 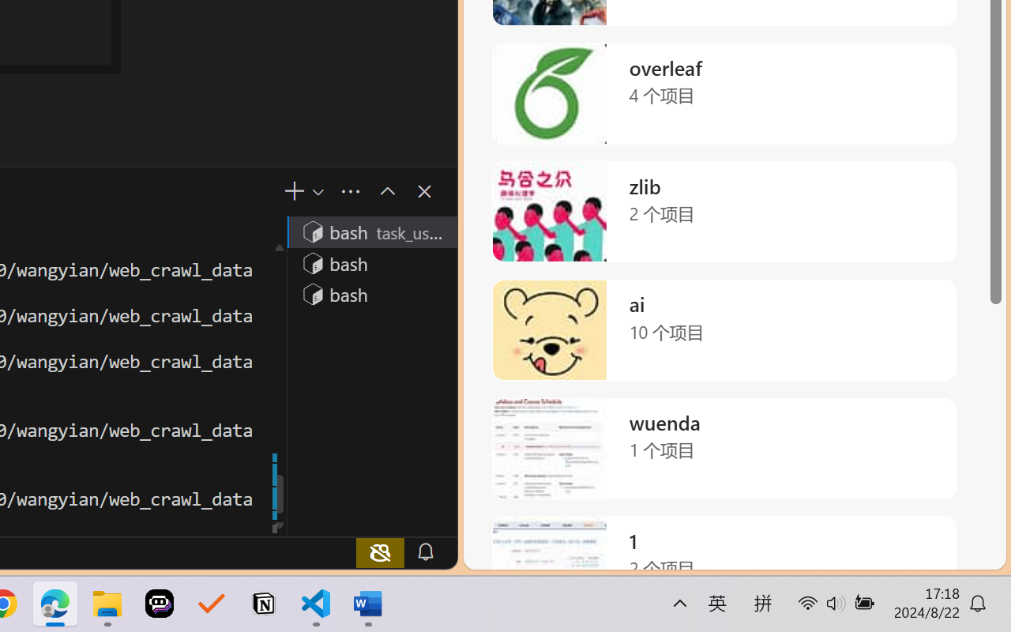 What do you see at coordinates (370, 261) in the screenshot?
I see `'Terminal 2 bash'` at bounding box center [370, 261].